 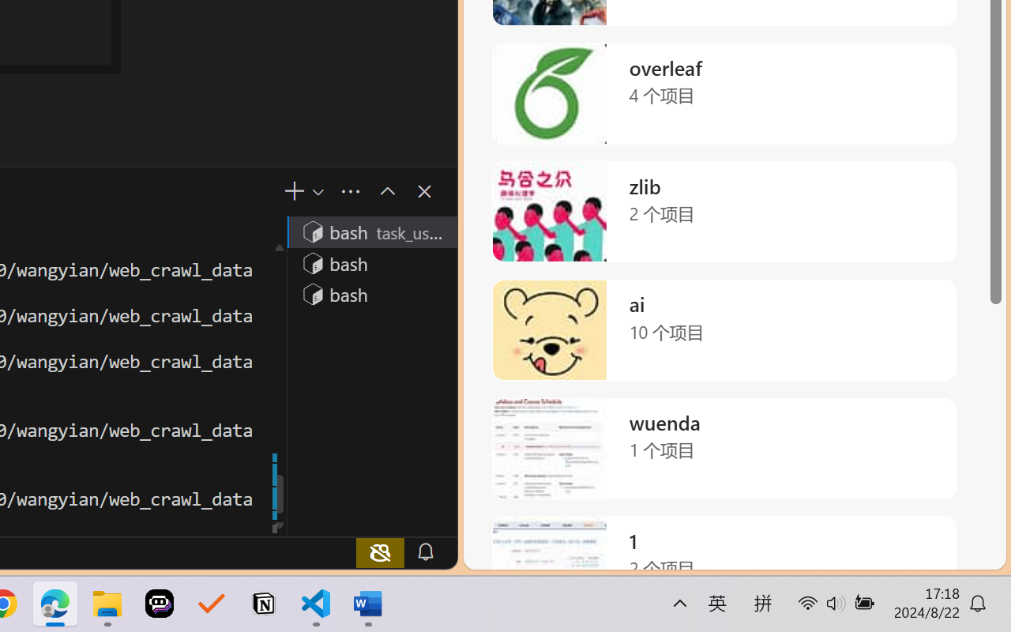 What do you see at coordinates (370, 261) in the screenshot?
I see `'Terminal 2 bash'` at bounding box center [370, 261].